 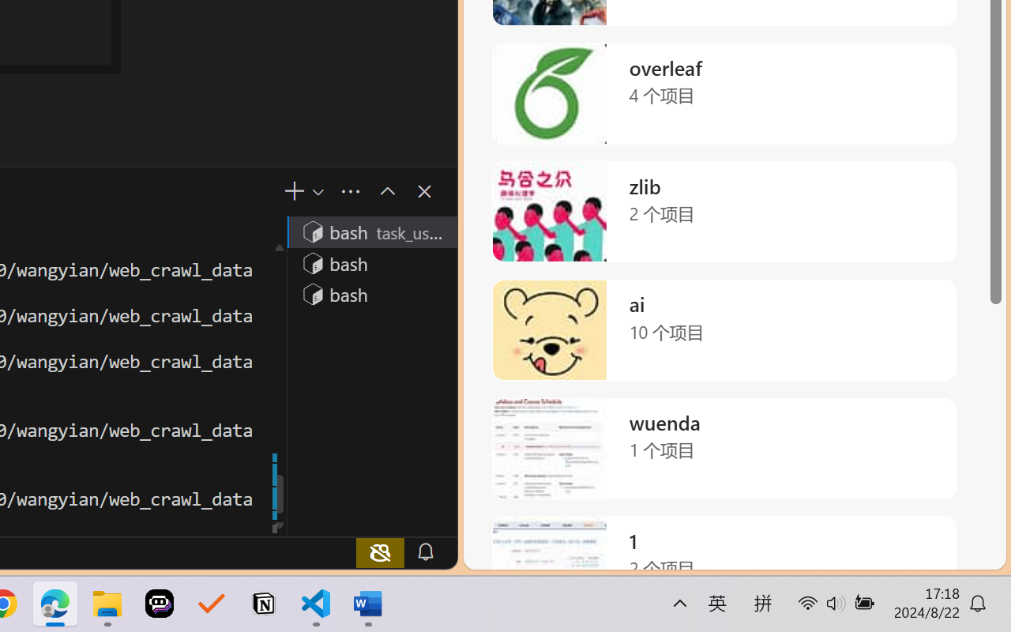 What do you see at coordinates (370, 261) in the screenshot?
I see `'Terminal 2 bash'` at bounding box center [370, 261].